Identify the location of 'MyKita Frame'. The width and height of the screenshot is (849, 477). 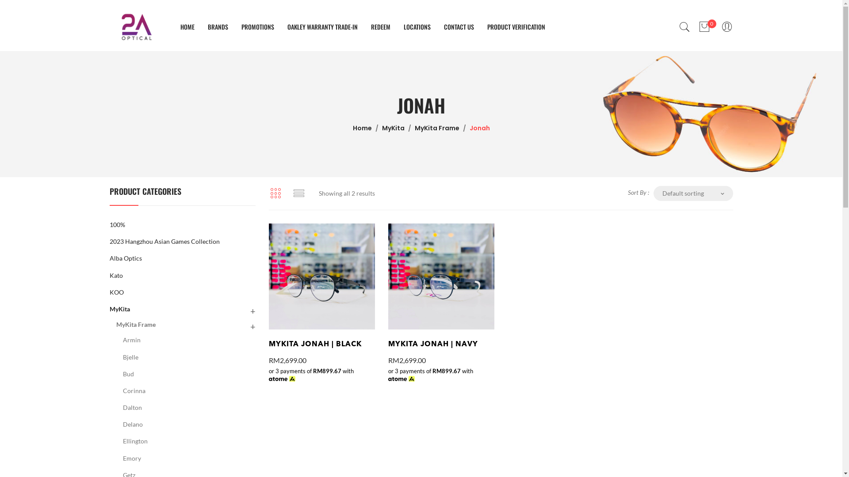
(135, 324).